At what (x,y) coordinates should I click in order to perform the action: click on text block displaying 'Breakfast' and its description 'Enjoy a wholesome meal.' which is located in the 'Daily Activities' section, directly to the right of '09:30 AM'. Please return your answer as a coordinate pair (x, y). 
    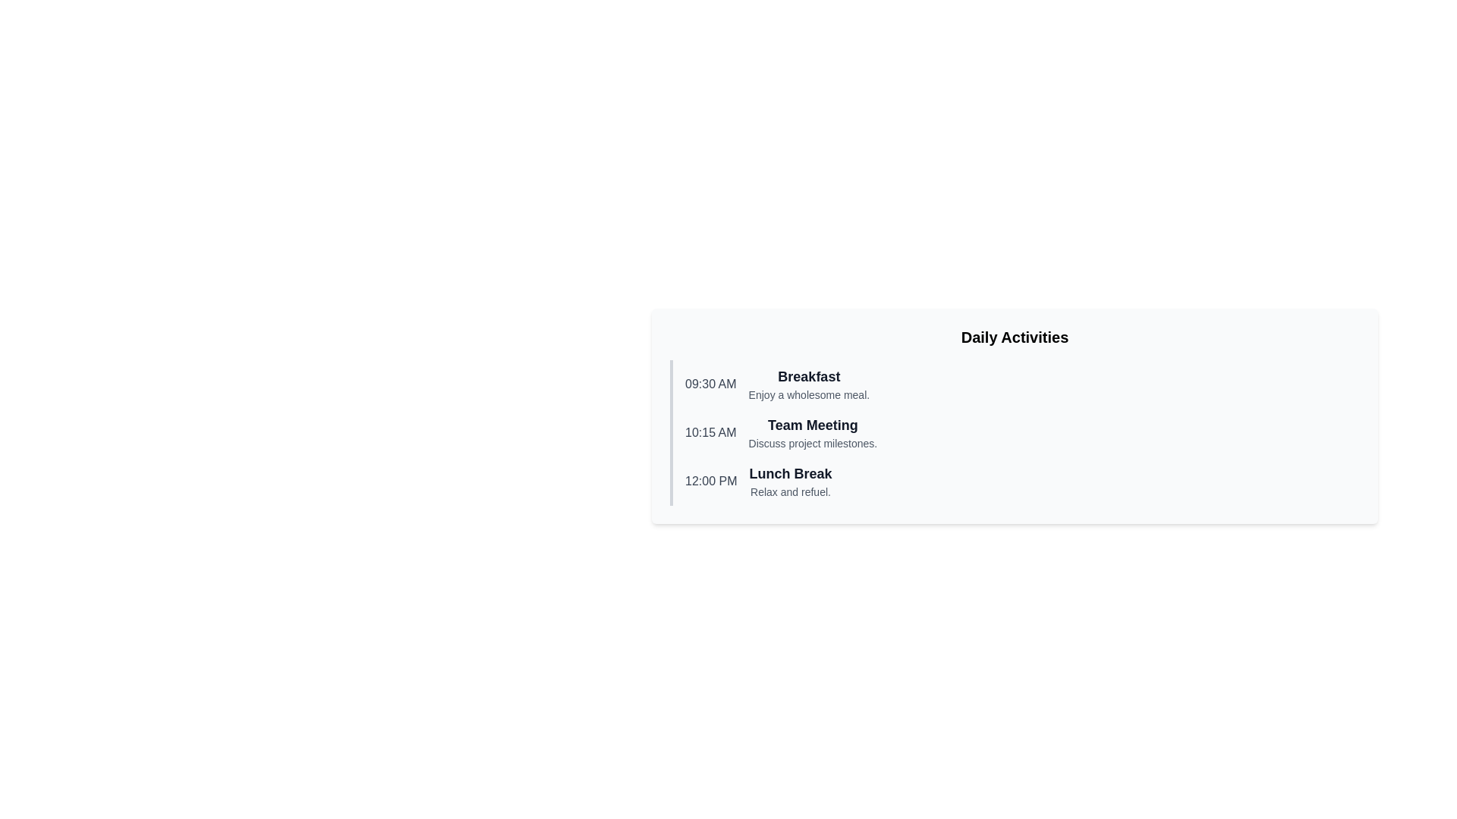
    Looking at the image, I should click on (808, 383).